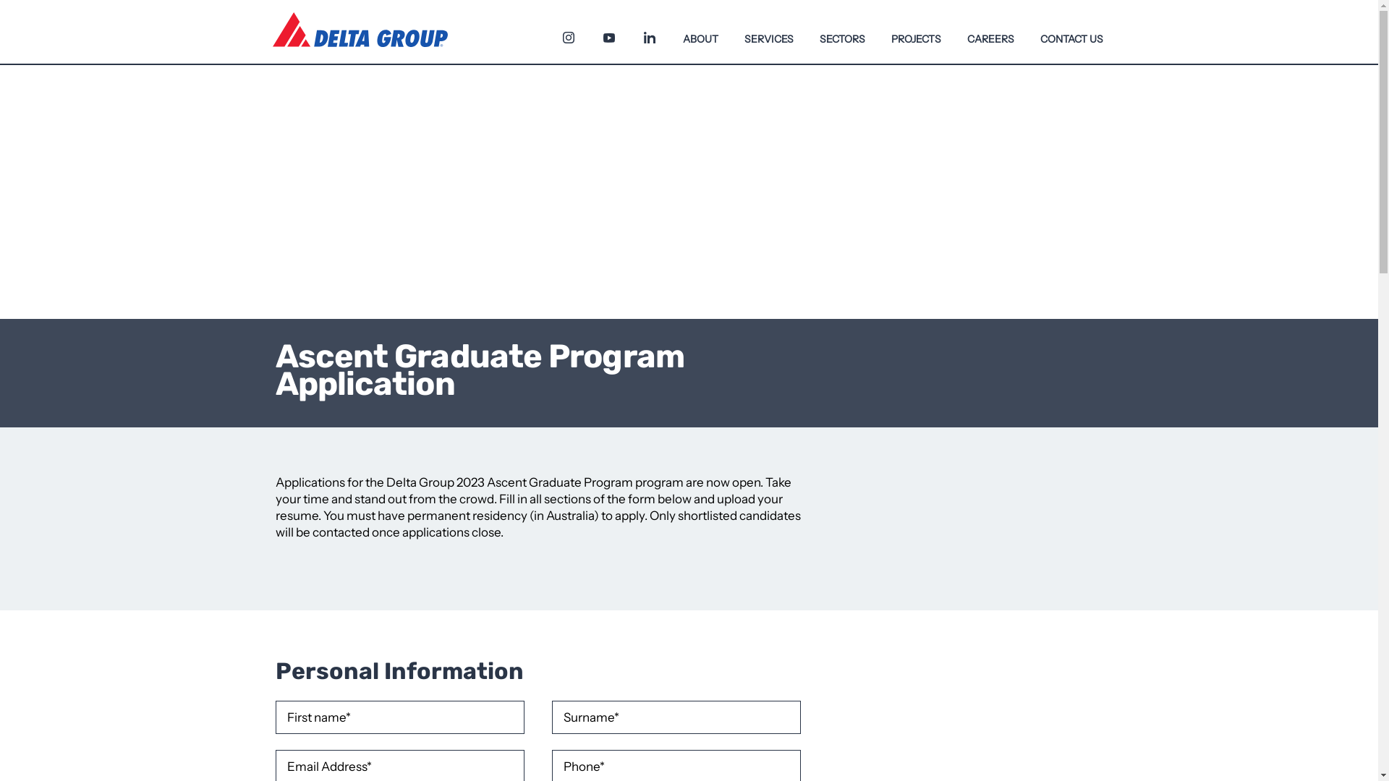 Image resolution: width=1389 pixels, height=781 pixels. What do you see at coordinates (1071, 31) in the screenshot?
I see `'CONTACT US'` at bounding box center [1071, 31].